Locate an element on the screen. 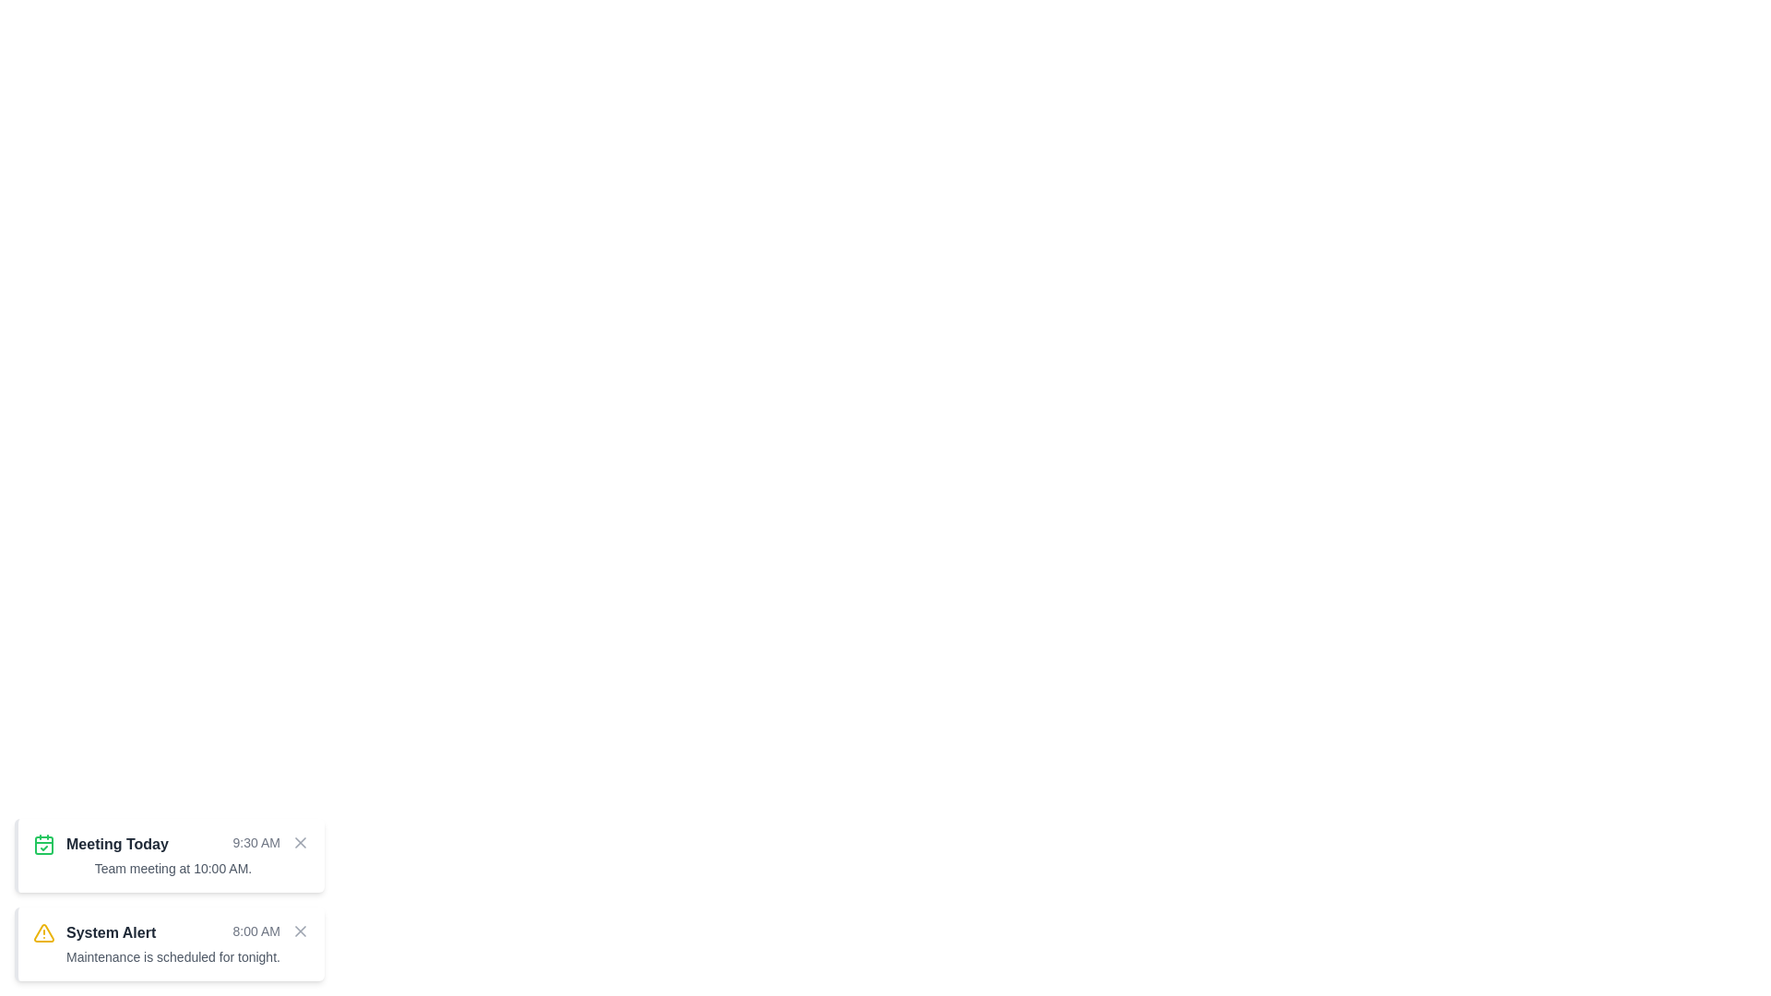  the close icon located in the top-right corner of the 'System Alert' notification card is located at coordinates (301, 843).